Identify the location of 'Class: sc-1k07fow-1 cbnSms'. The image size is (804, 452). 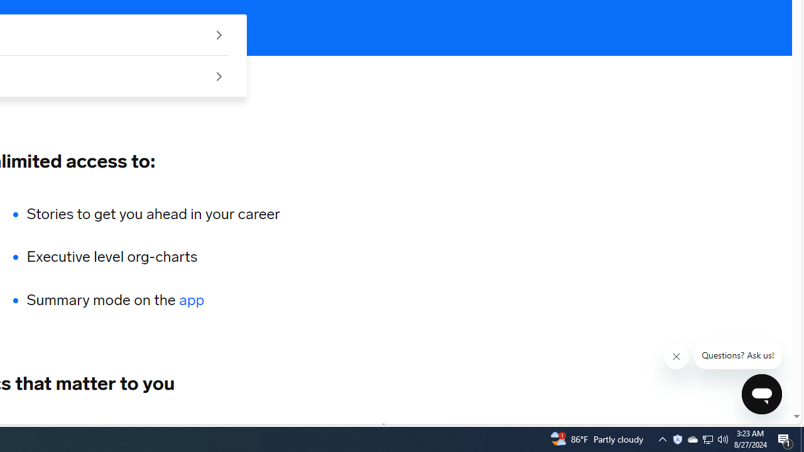
(761, 393).